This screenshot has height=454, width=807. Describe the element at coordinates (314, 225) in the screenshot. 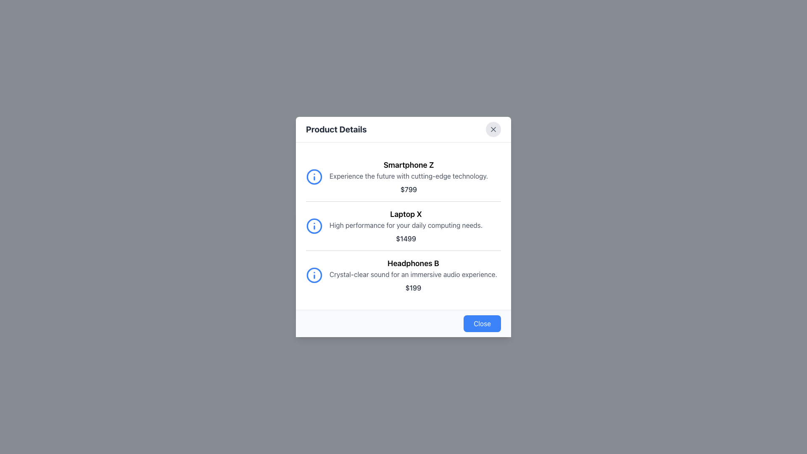

I see `the blue circular icon with an 'i' symbol located at the left edge of the card for 'Laptop X'` at that location.